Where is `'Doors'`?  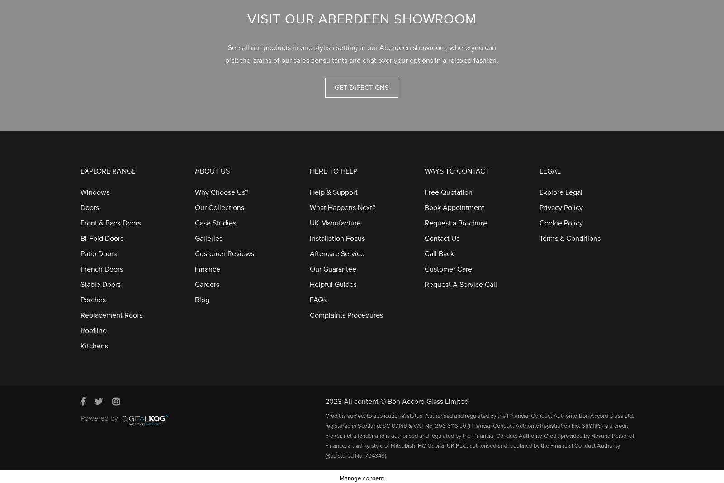
'Doors' is located at coordinates (89, 203).